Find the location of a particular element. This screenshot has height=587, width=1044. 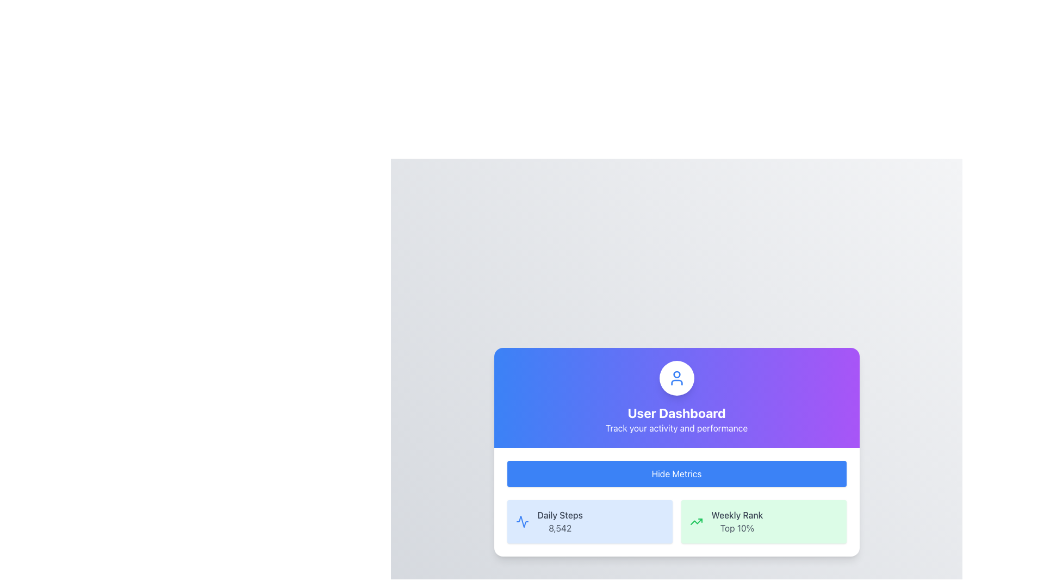

the informational cards in the 'User Dashboard' section is located at coordinates (676, 452).